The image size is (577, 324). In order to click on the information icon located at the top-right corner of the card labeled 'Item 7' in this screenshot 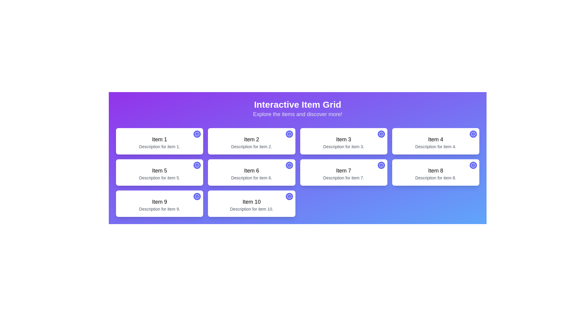, I will do `click(381, 165)`.